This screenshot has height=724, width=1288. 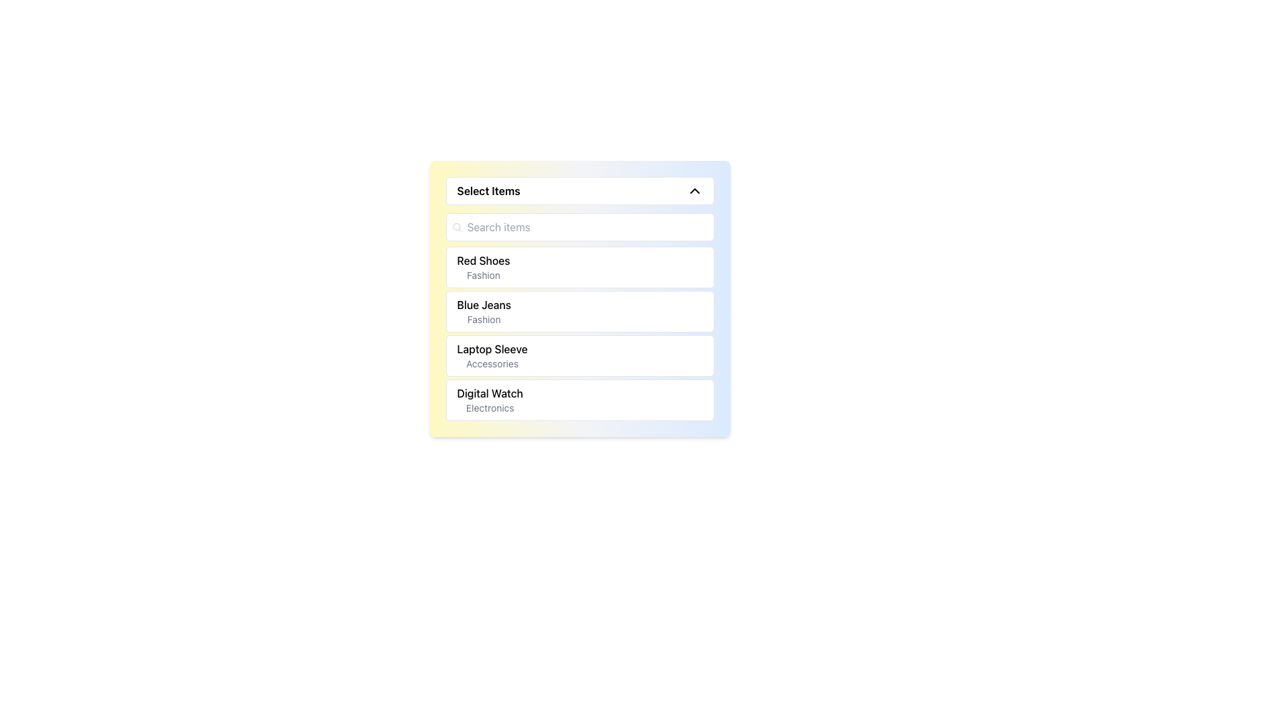 I want to click on the text label that serves as a title for the dropdown or selection list, located at the top-left corner above the search bar icon and to the left of the chevron icon, so click(x=488, y=191).